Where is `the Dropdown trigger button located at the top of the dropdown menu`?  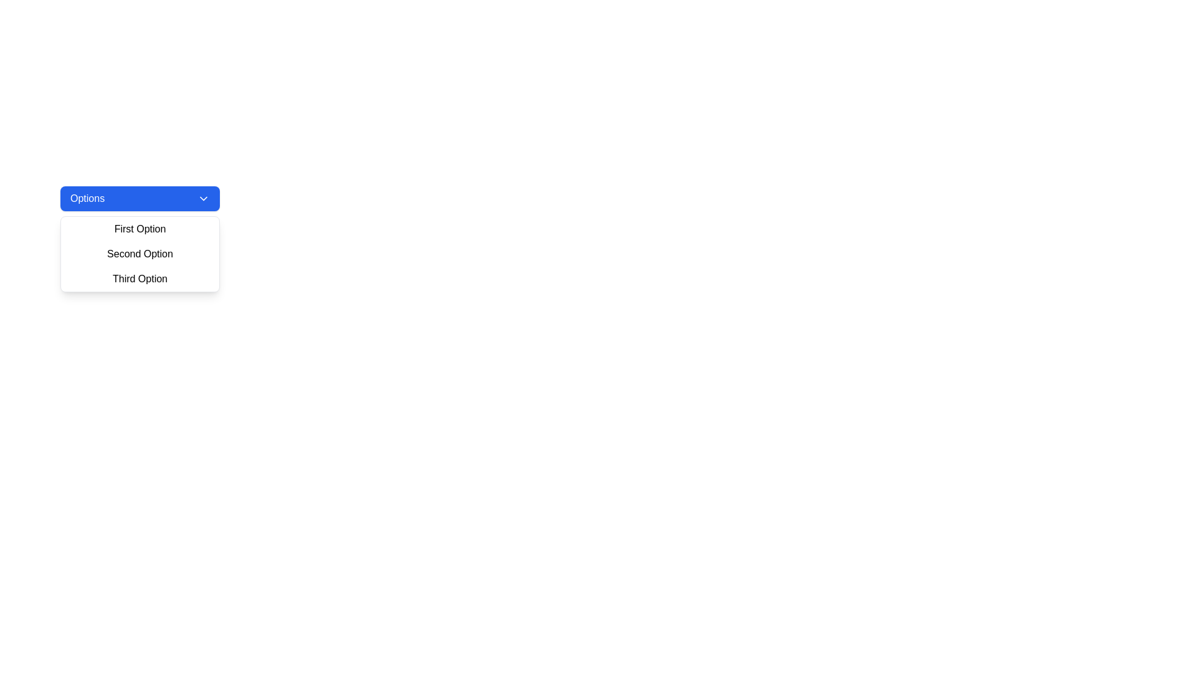
the Dropdown trigger button located at the top of the dropdown menu is located at coordinates (140, 198).